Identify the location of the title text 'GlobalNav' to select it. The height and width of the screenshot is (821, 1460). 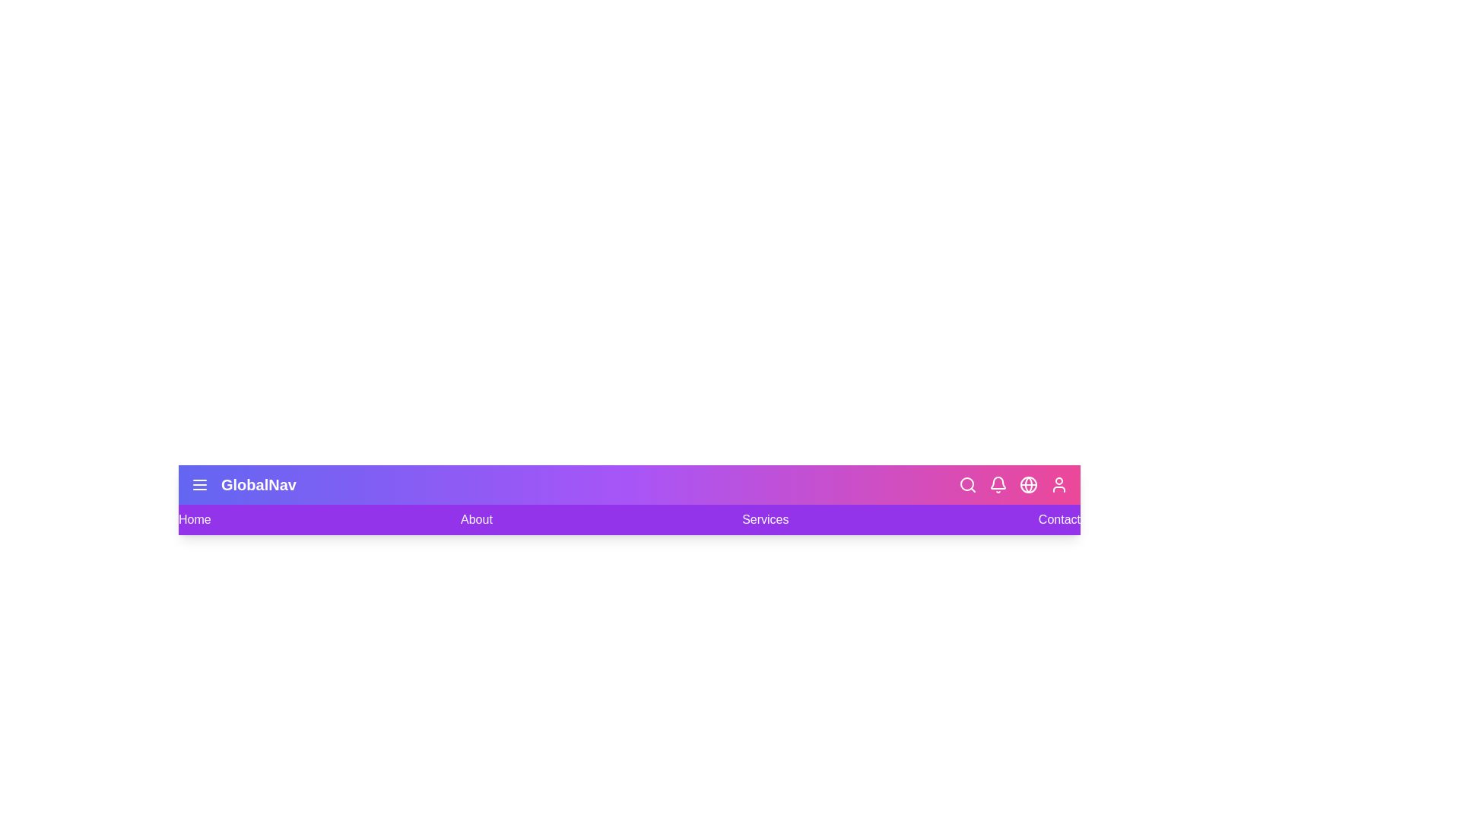
(259, 484).